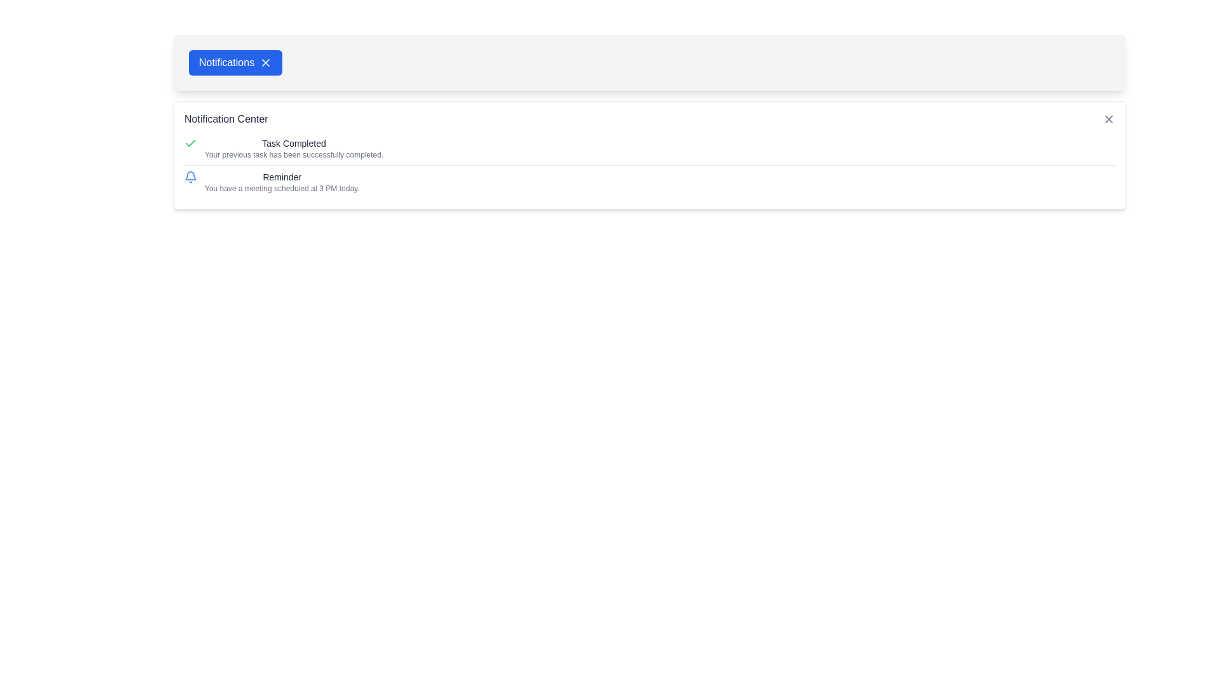 The width and height of the screenshot is (1221, 686). I want to click on the text element that states 'Your previous task has been successfully completed.' located in the Notification Center panel, positioned below 'Task Completed.', so click(293, 154).